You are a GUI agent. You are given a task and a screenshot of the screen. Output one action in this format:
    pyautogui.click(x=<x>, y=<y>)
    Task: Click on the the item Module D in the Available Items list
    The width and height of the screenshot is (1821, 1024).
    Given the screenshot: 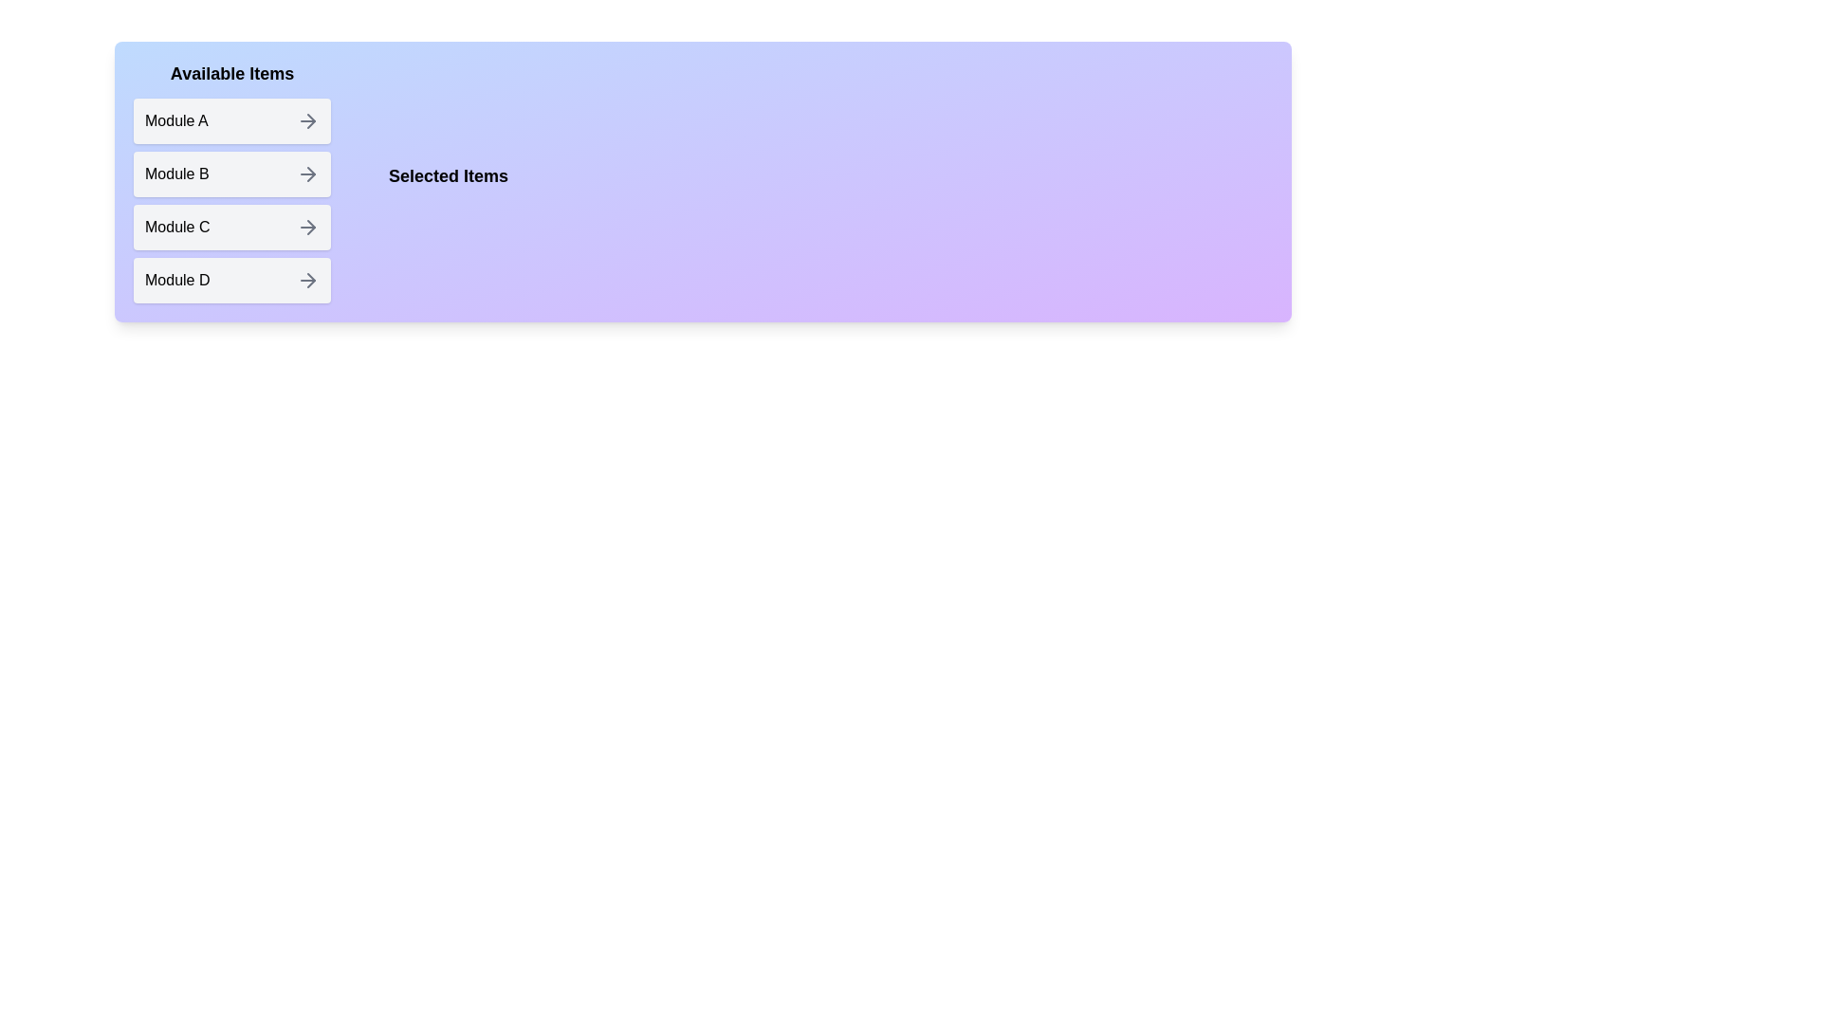 What is the action you would take?
    pyautogui.click(x=230, y=281)
    